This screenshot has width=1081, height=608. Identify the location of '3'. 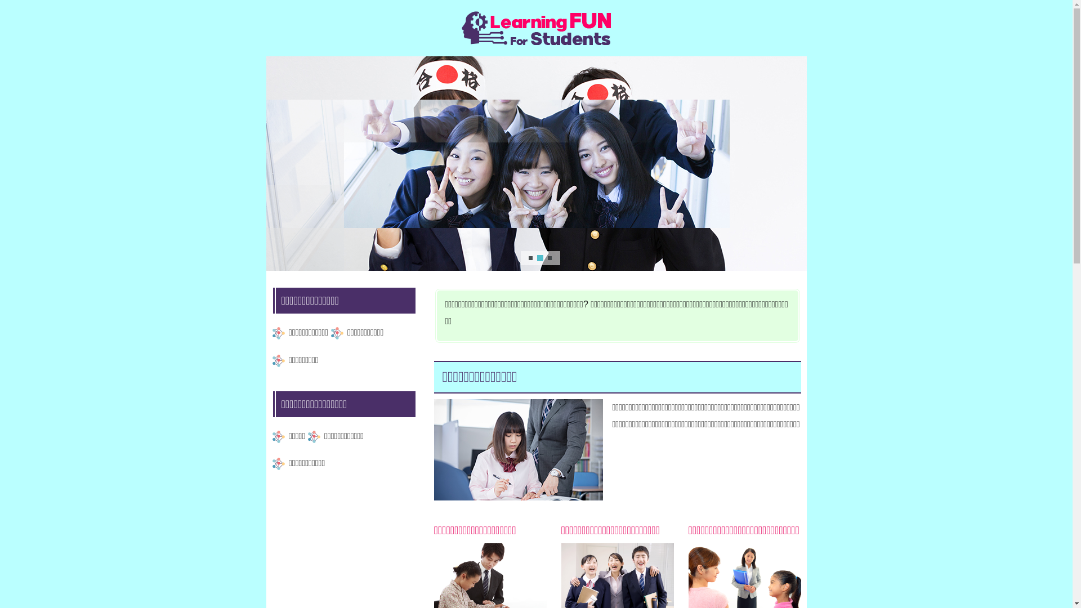
(550, 258).